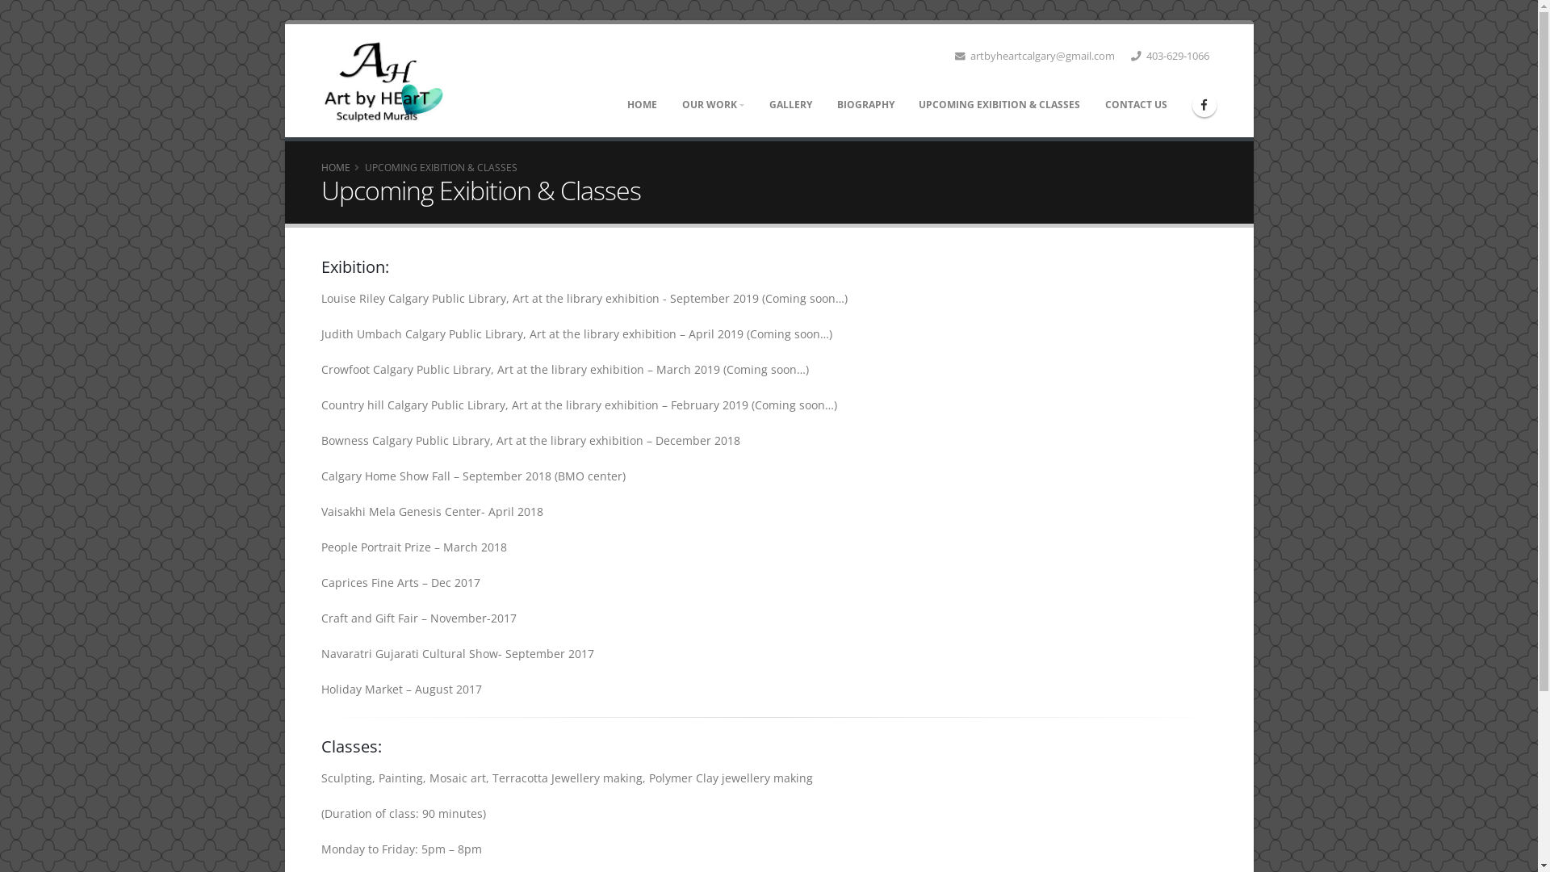 The width and height of the screenshot is (1550, 872). I want to click on 'GALLERY', so click(756, 105).